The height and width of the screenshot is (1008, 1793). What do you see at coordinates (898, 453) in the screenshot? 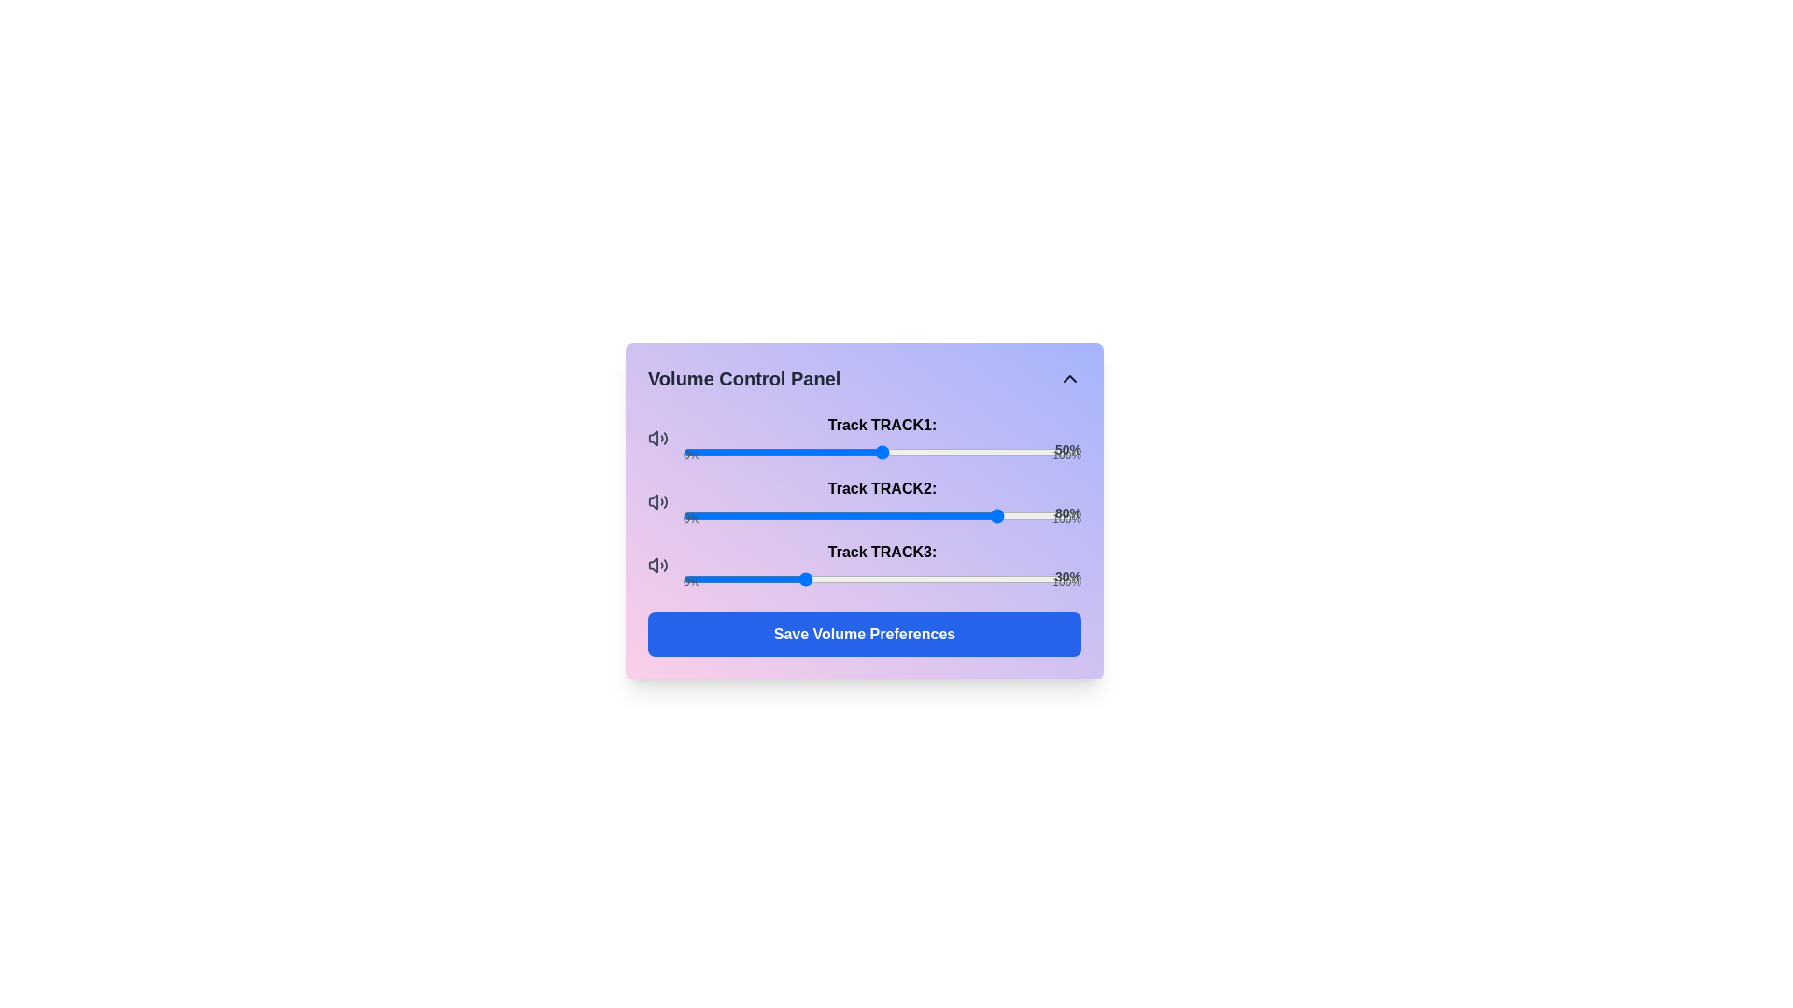
I see `the volume` at bounding box center [898, 453].